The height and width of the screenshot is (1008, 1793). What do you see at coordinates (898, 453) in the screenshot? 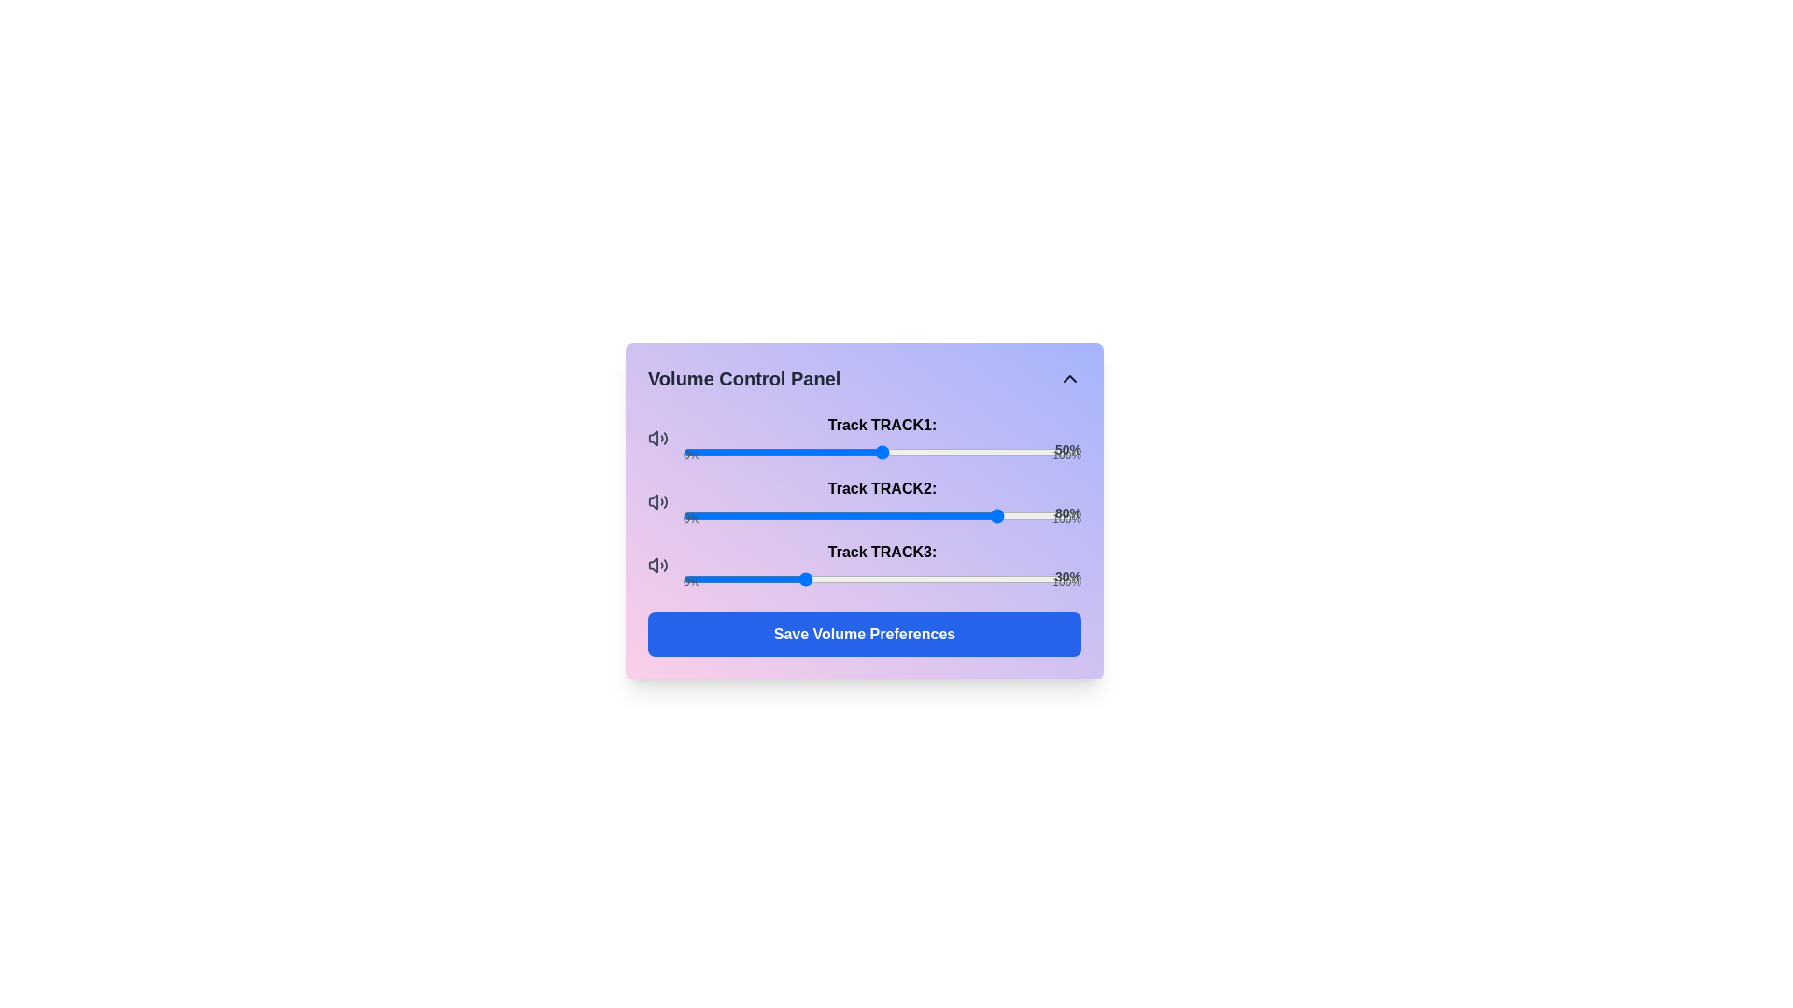
I see `the volume` at bounding box center [898, 453].